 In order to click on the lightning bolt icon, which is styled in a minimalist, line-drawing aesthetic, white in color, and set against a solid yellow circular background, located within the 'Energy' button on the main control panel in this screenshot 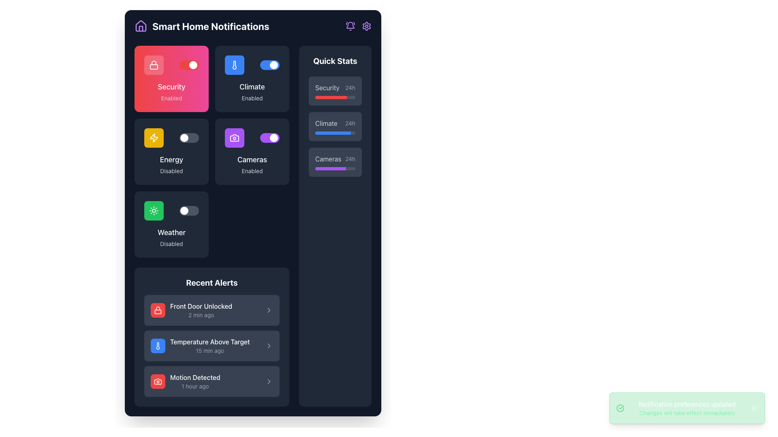, I will do `click(154, 137)`.